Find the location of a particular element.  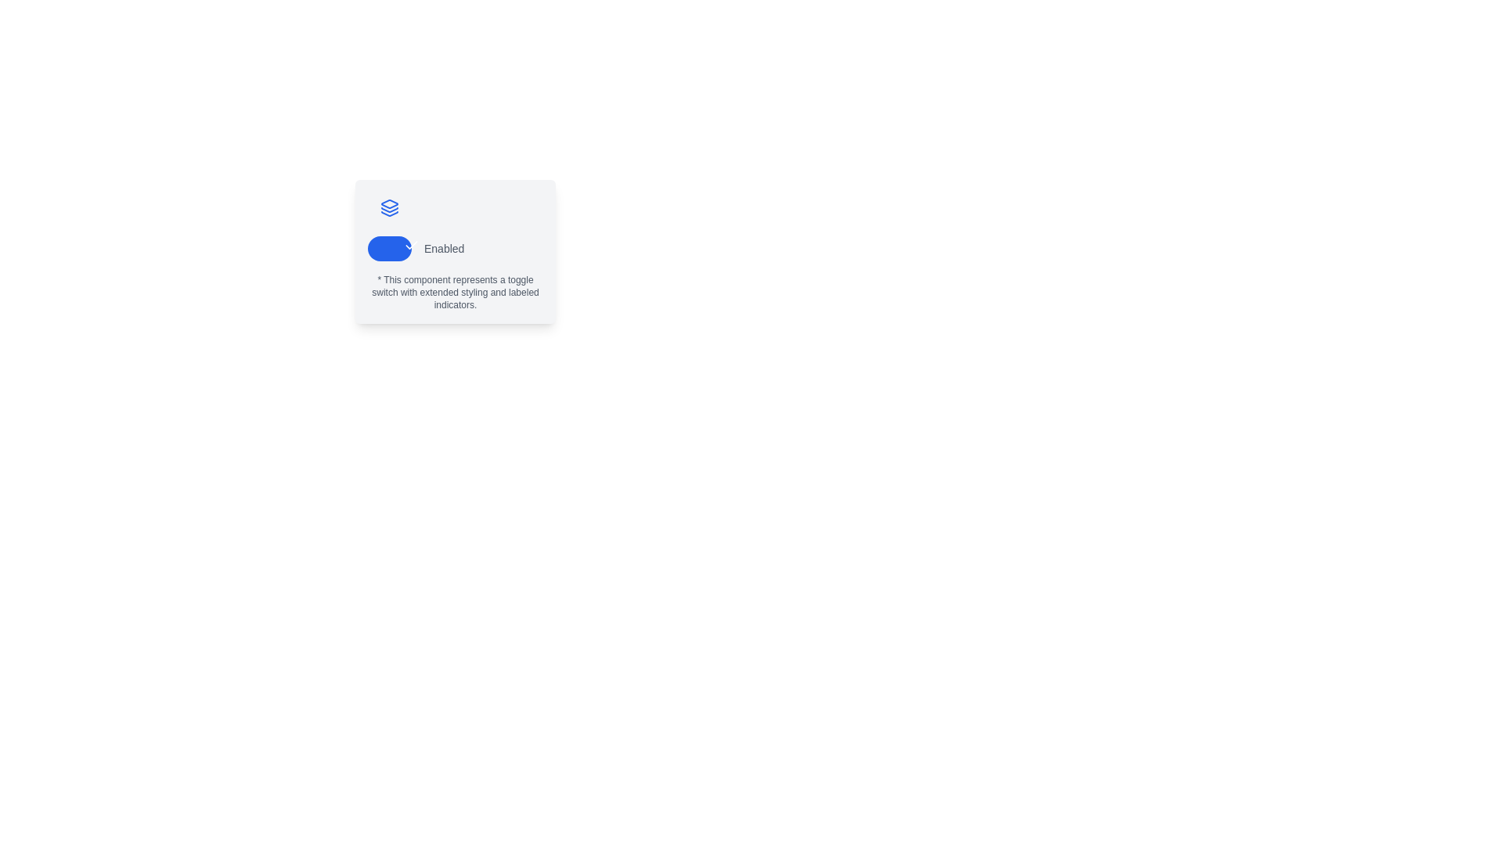

the active state indicator icon of the toggle switch, located towards the right side and centered within the UI box is located at coordinates (412, 245).